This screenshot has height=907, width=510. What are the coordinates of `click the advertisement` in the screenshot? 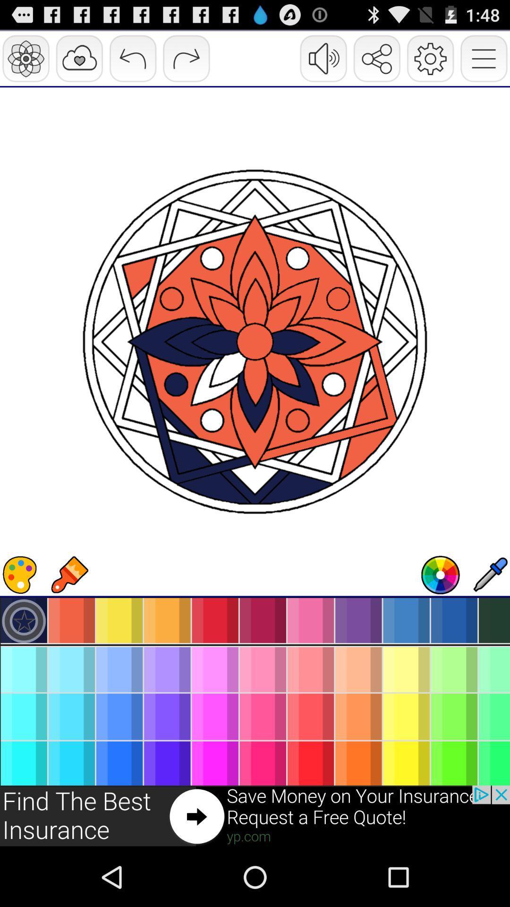 It's located at (255, 816).